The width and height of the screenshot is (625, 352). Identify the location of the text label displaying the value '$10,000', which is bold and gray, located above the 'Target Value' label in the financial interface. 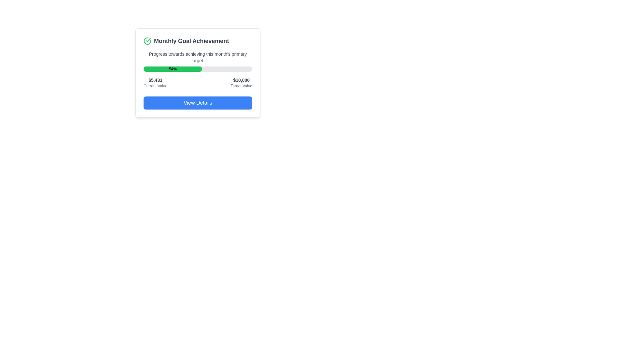
(241, 80).